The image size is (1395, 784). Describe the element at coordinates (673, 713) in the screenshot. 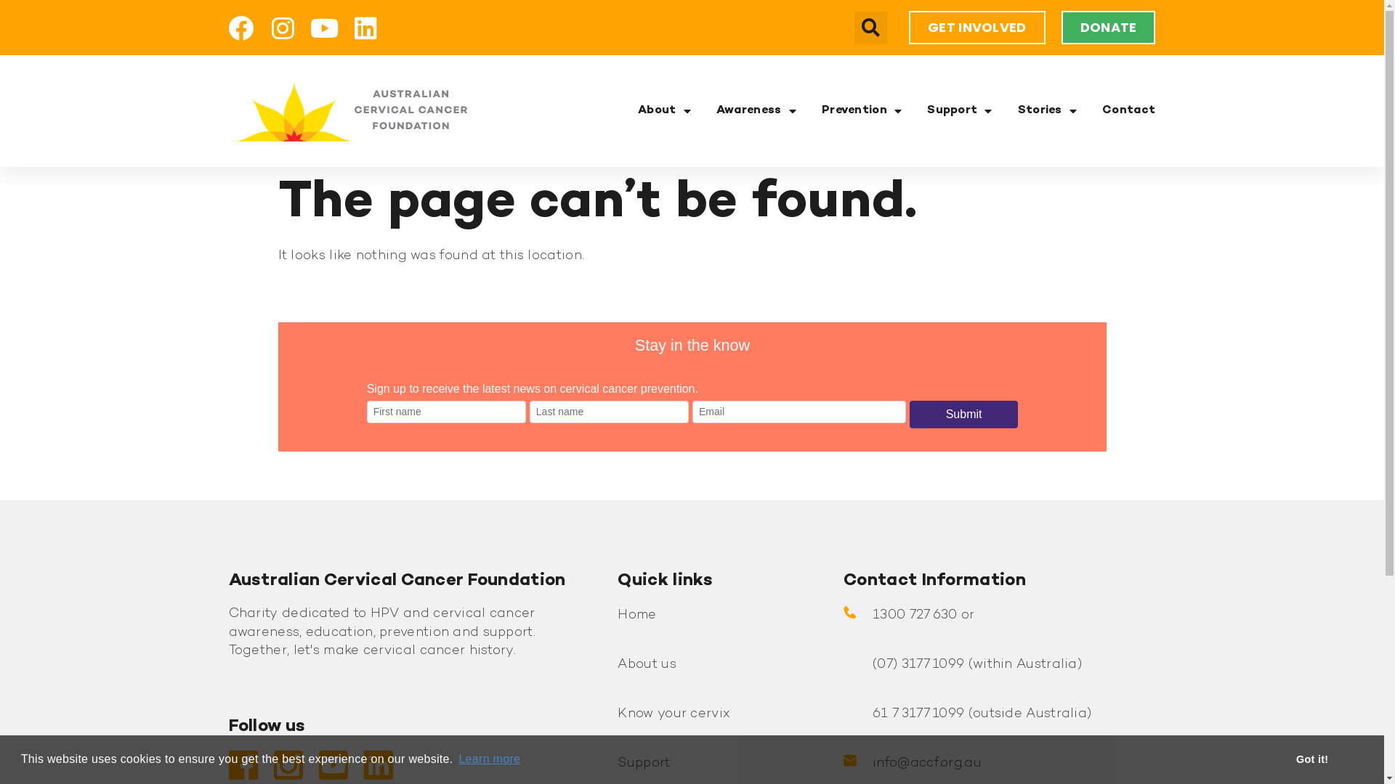

I see `'Know your cervix'` at that location.